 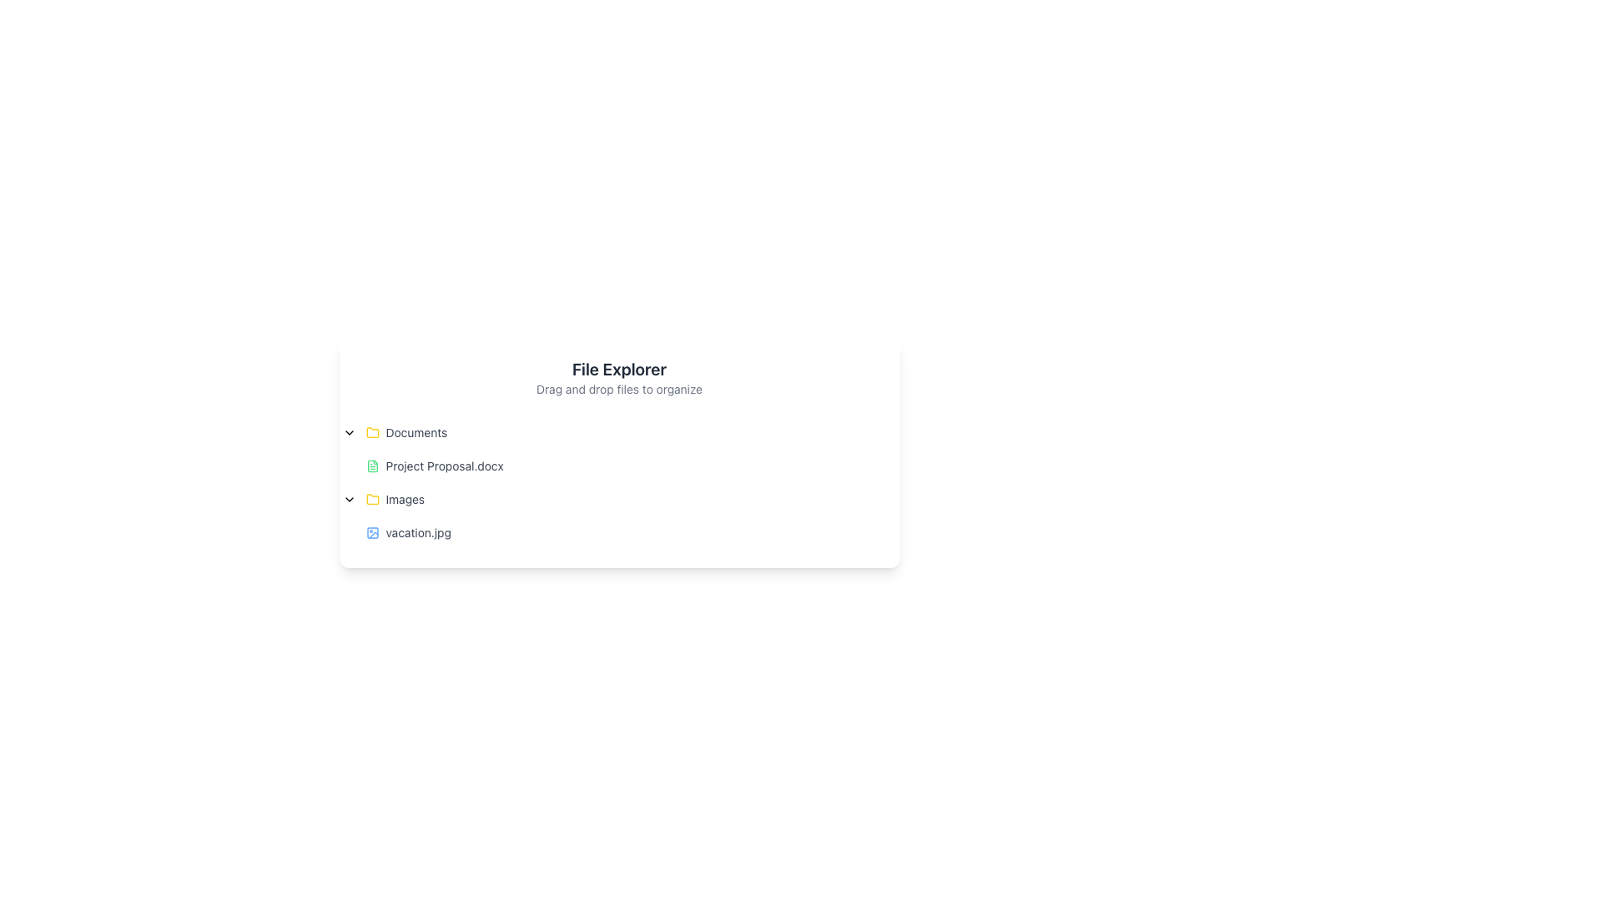 What do you see at coordinates (371, 498) in the screenshot?
I see `the 'Images' folder icon located immediately to the left of the text 'Images' in the file explorer` at bounding box center [371, 498].